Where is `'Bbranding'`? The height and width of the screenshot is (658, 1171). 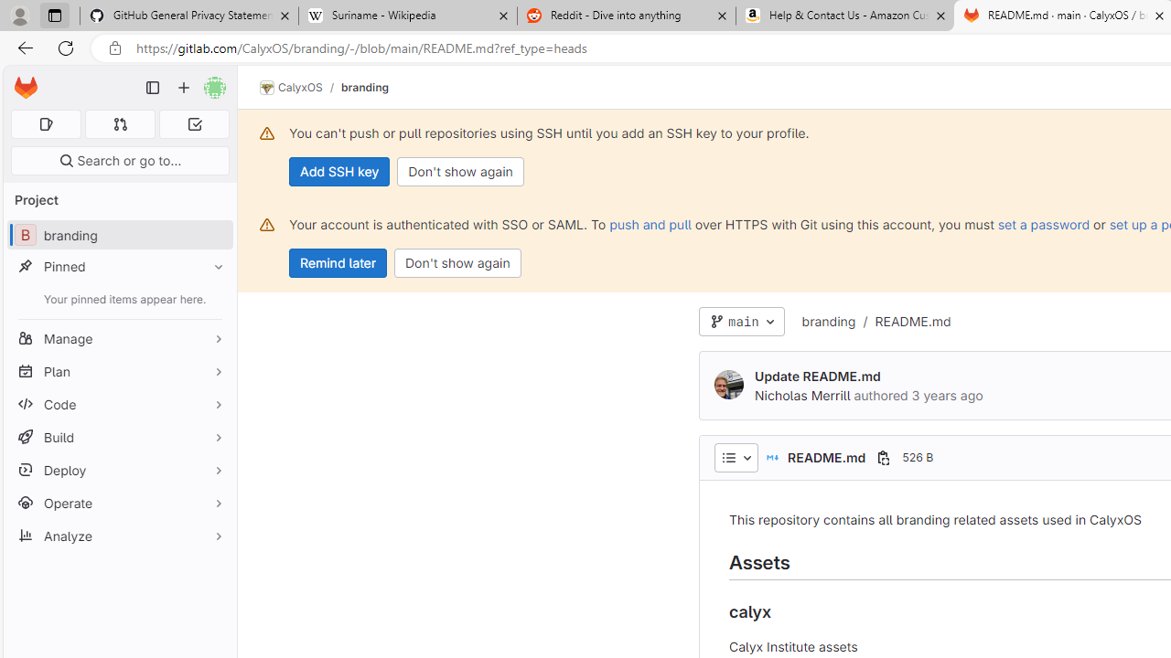 'Bbranding' is located at coordinates (119, 234).